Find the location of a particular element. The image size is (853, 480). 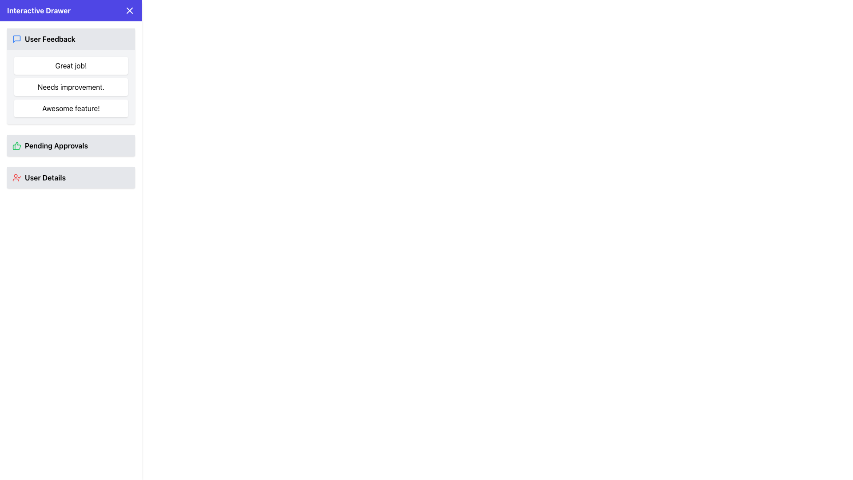

the close icon button located at the top-right corner of the 'Interactive Drawer' is located at coordinates (129, 10).